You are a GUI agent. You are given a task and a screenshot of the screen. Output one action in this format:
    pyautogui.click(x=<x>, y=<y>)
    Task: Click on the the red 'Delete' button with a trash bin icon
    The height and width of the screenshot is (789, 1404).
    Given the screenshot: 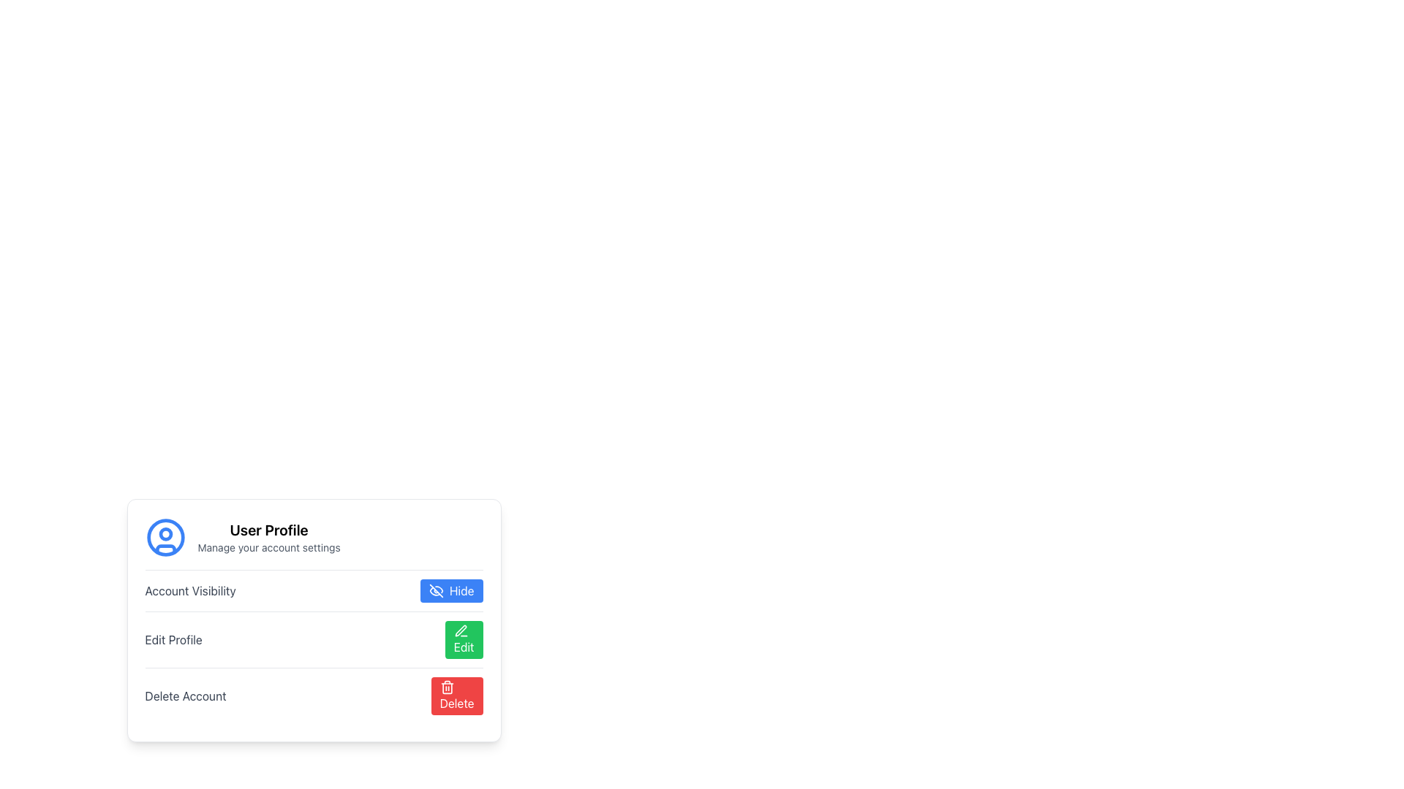 What is the action you would take?
    pyautogui.click(x=456, y=695)
    